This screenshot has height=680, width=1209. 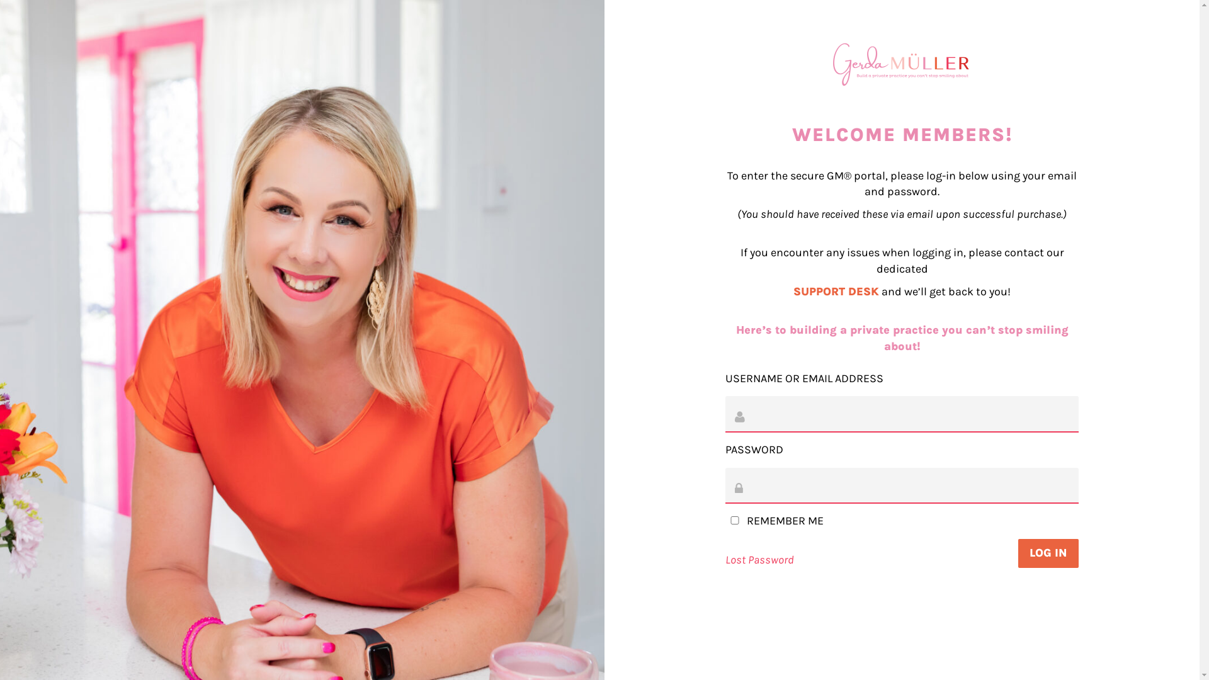 I want to click on 'Lost Password', so click(x=759, y=558).